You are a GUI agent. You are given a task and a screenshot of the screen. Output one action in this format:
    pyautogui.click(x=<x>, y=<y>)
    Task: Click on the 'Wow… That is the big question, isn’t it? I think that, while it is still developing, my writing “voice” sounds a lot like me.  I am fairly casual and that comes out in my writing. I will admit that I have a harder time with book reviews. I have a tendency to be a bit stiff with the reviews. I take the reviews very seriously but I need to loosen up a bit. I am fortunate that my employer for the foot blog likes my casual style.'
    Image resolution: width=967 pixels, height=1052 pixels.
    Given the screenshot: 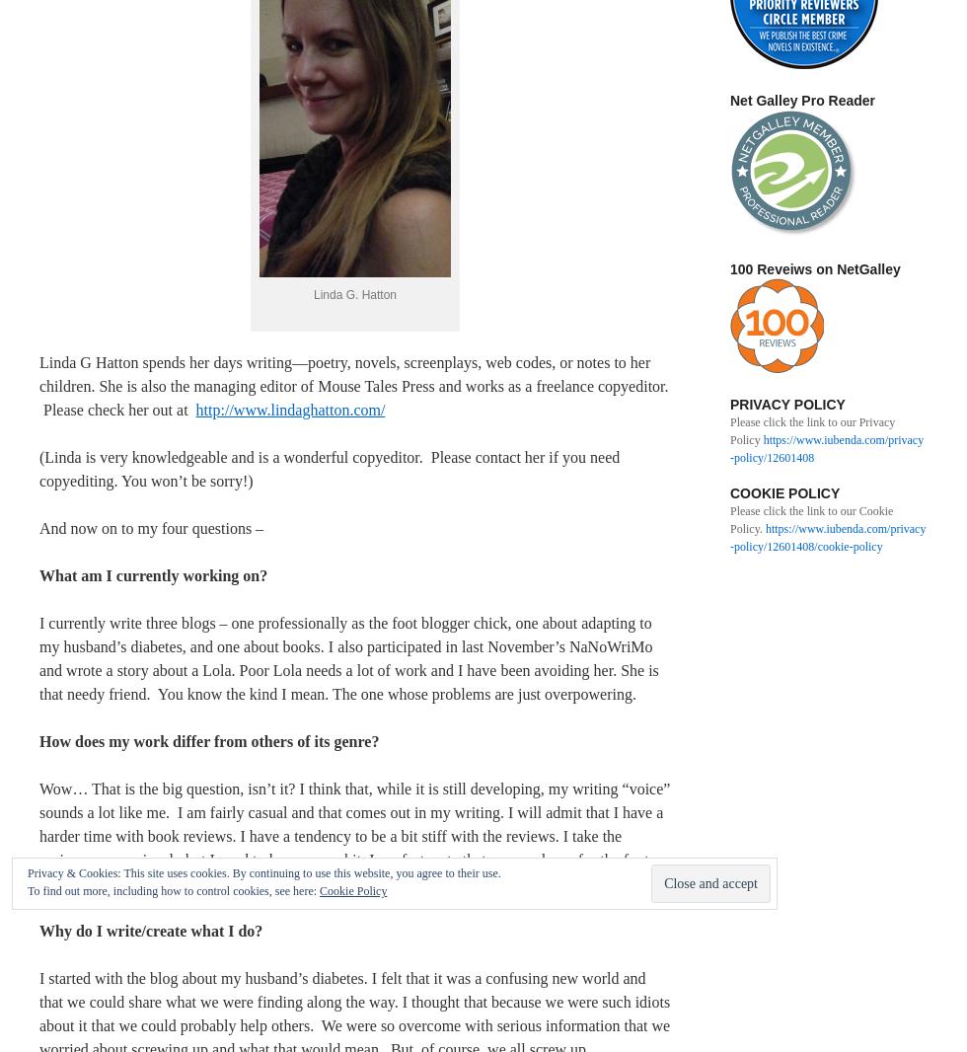 What is the action you would take?
    pyautogui.click(x=354, y=835)
    